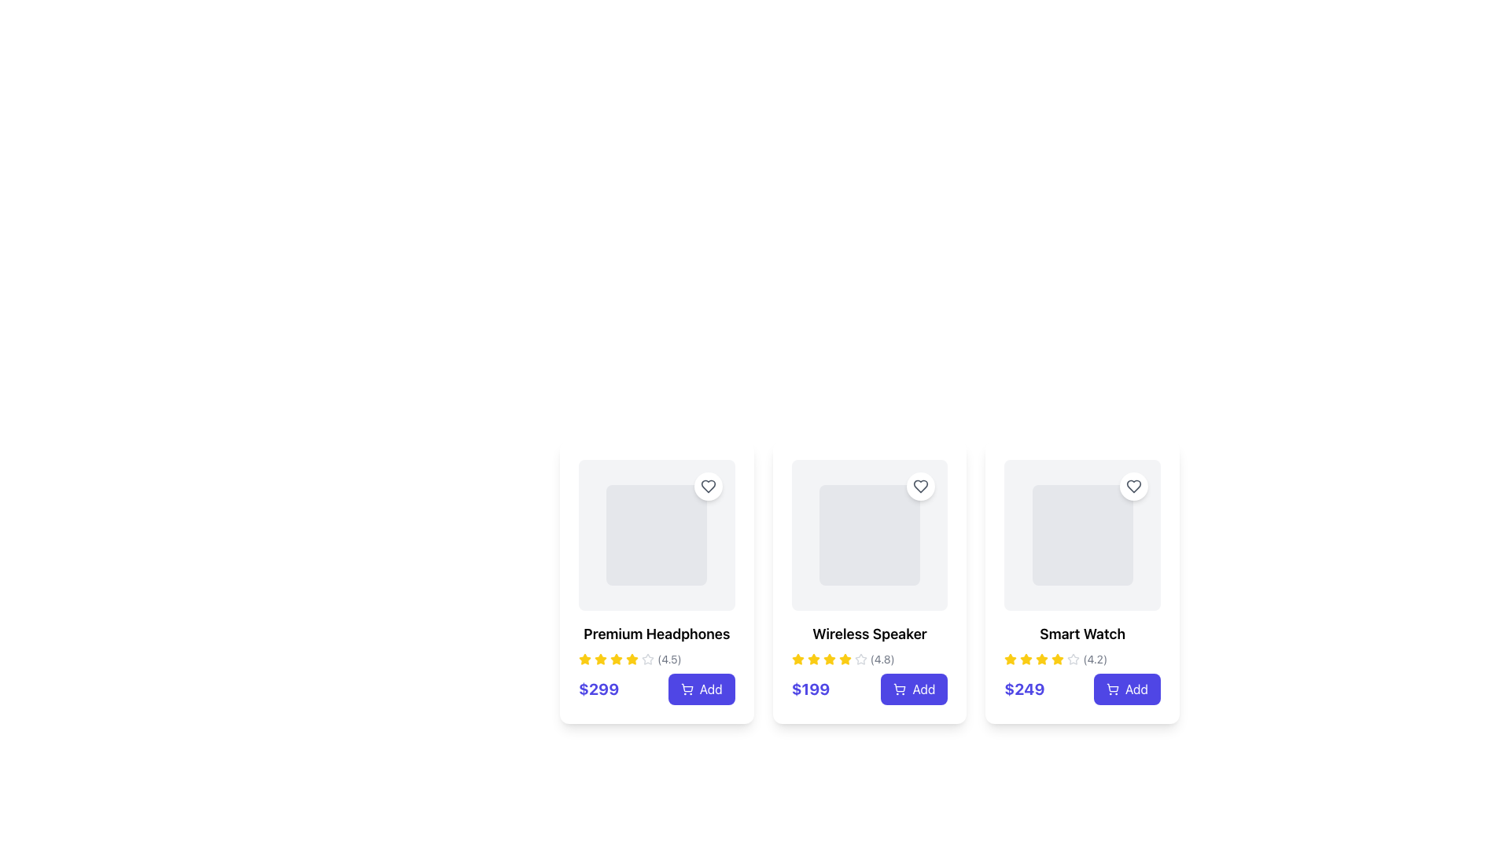 This screenshot has width=1510, height=849. I want to click on the fourth filled yellow star in the rating system located below the 'Smart Watch' product card, so click(1042, 660).